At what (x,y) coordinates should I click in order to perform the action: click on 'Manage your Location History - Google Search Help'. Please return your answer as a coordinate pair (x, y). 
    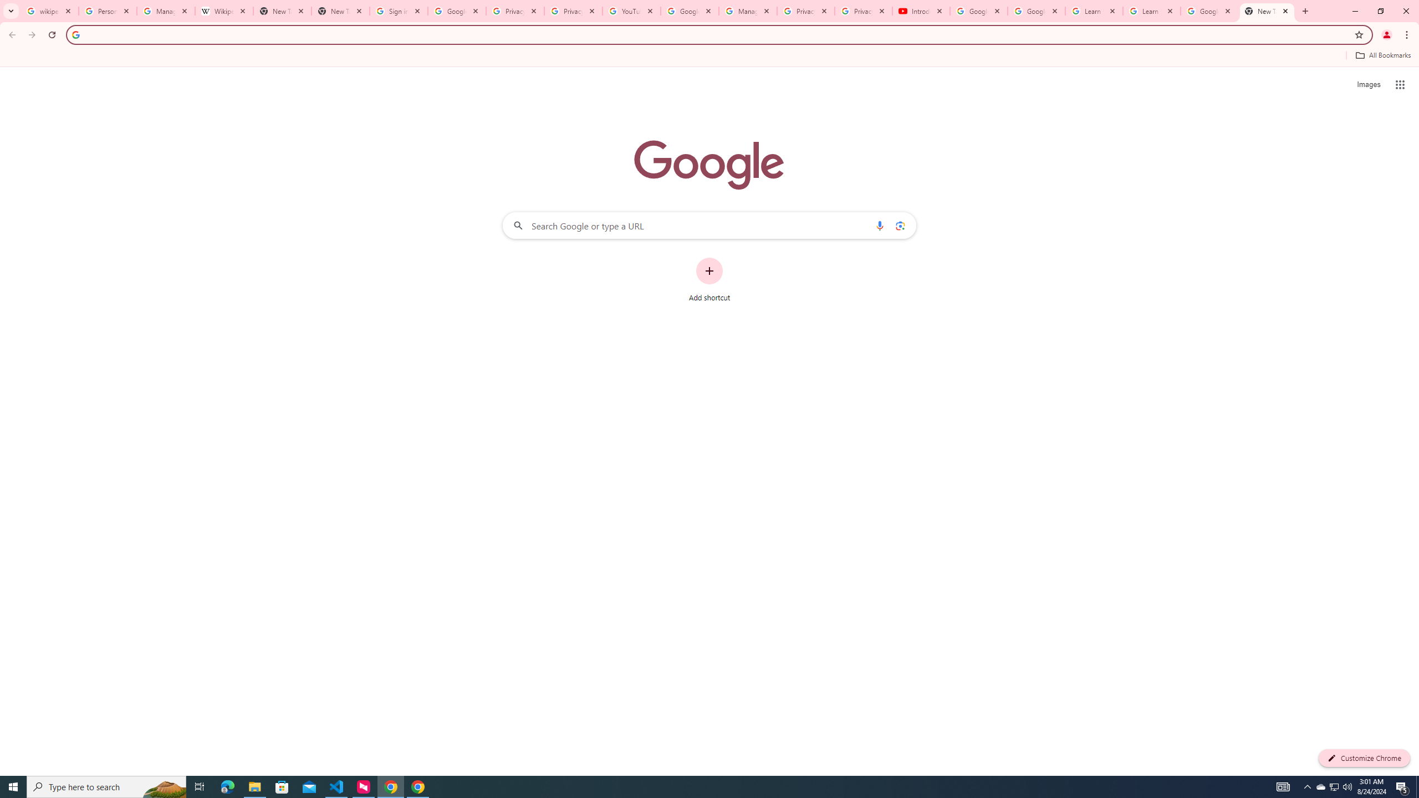
    Looking at the image, I should click on (165, 11).